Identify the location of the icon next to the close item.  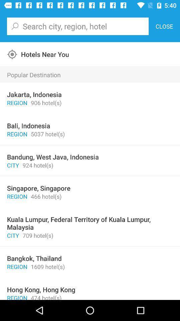
(77, 26).